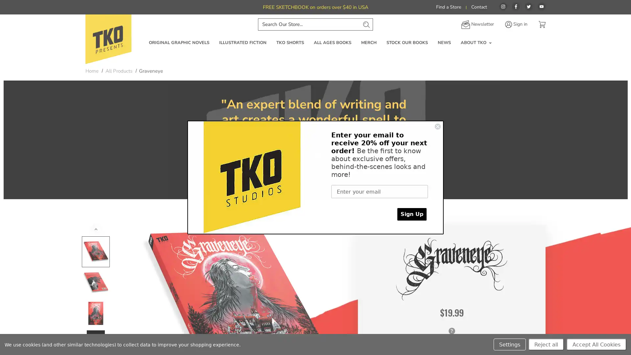 The image size is (631, 355). Describe the element at coordinates (365, 24) in the screenshot. I see `SEARCH OUR STORE...` at that location.